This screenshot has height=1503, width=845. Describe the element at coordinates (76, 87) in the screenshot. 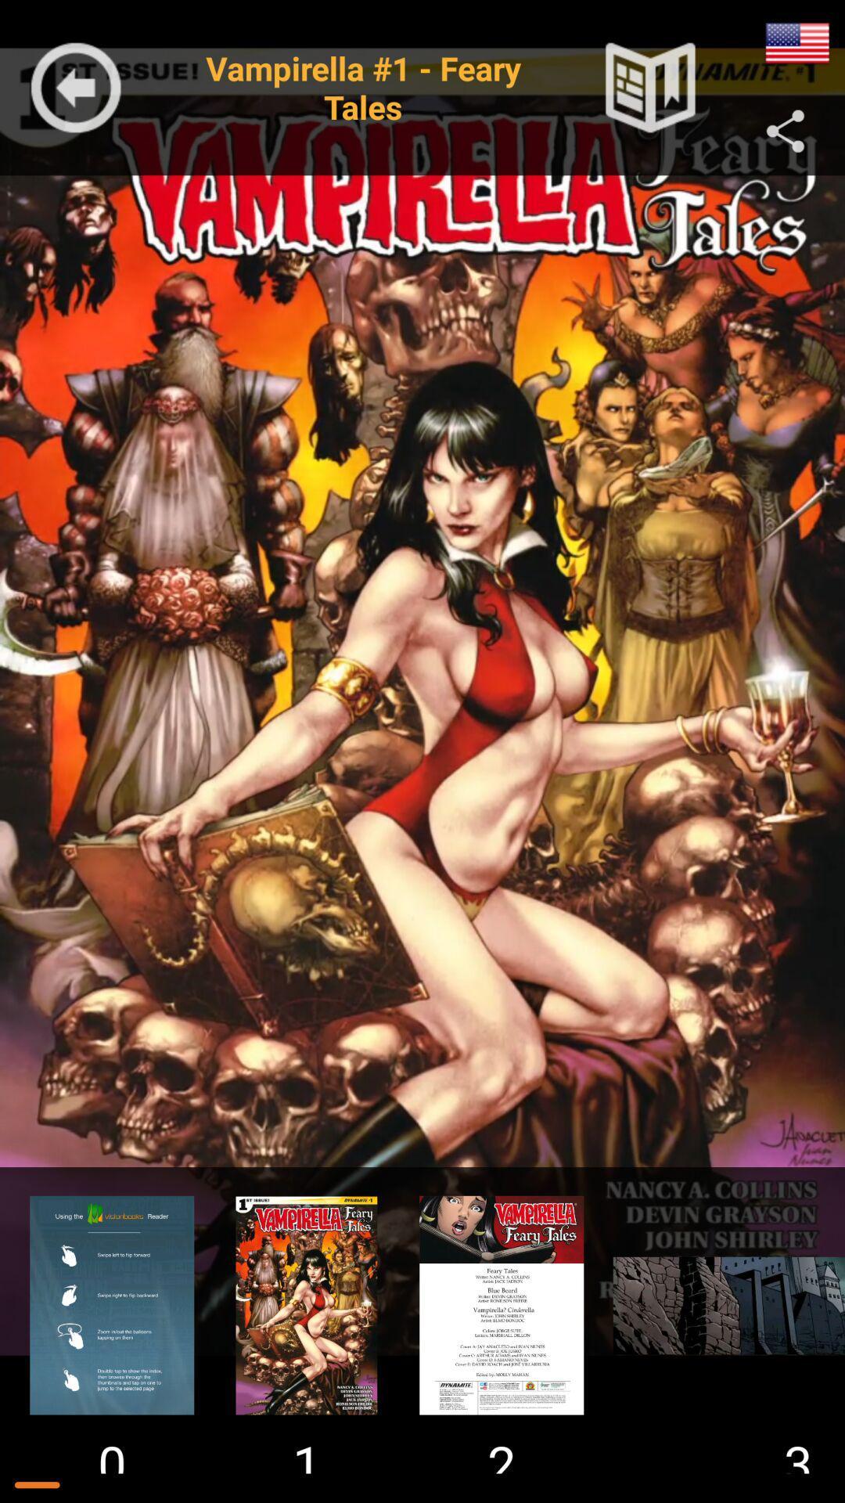

I see `go back` at that location.